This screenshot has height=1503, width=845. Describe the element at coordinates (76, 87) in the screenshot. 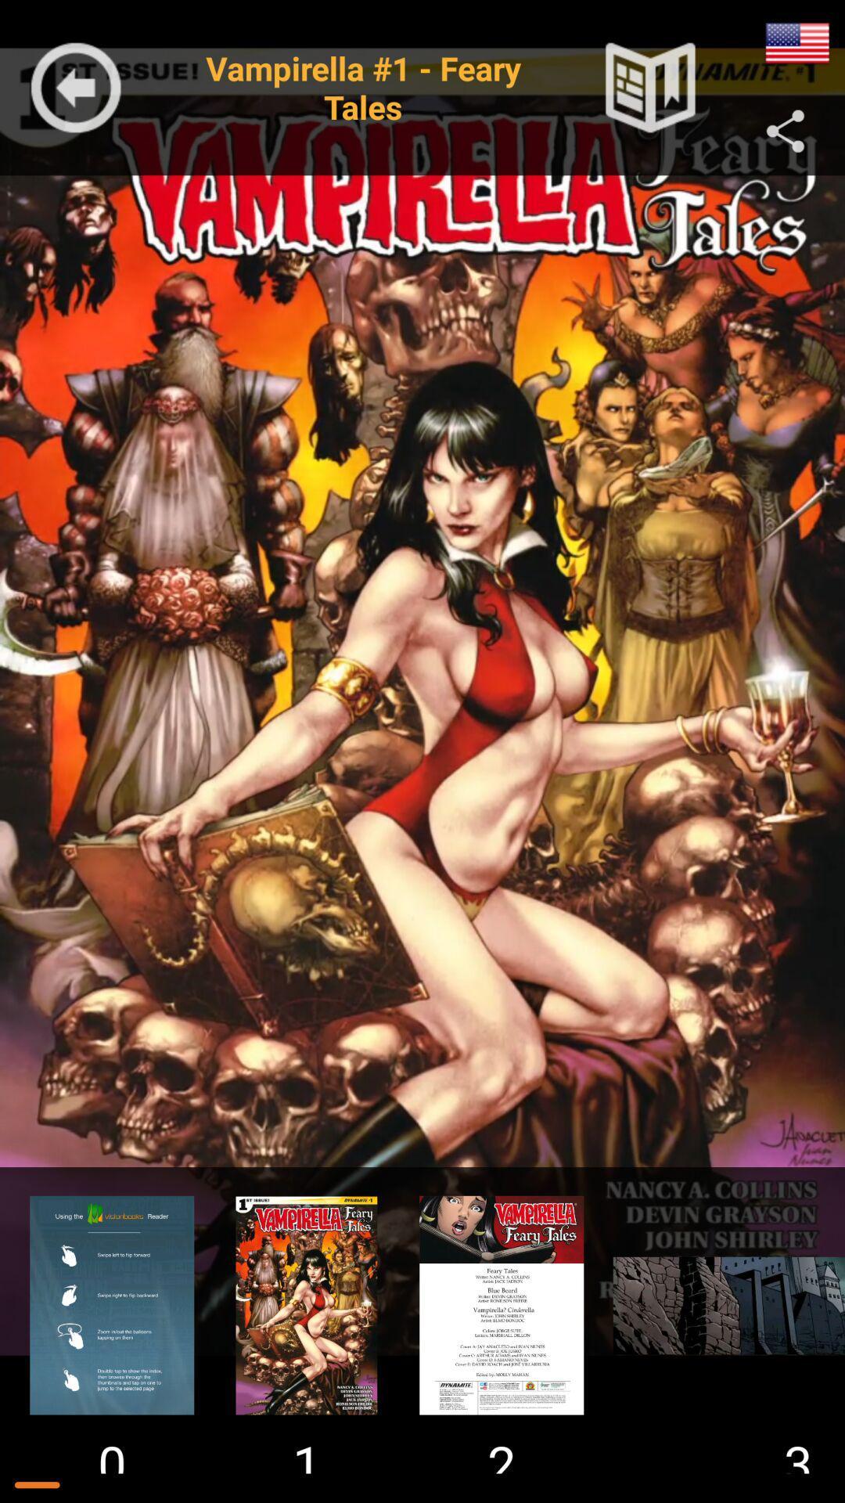

I see `go back` at that location.